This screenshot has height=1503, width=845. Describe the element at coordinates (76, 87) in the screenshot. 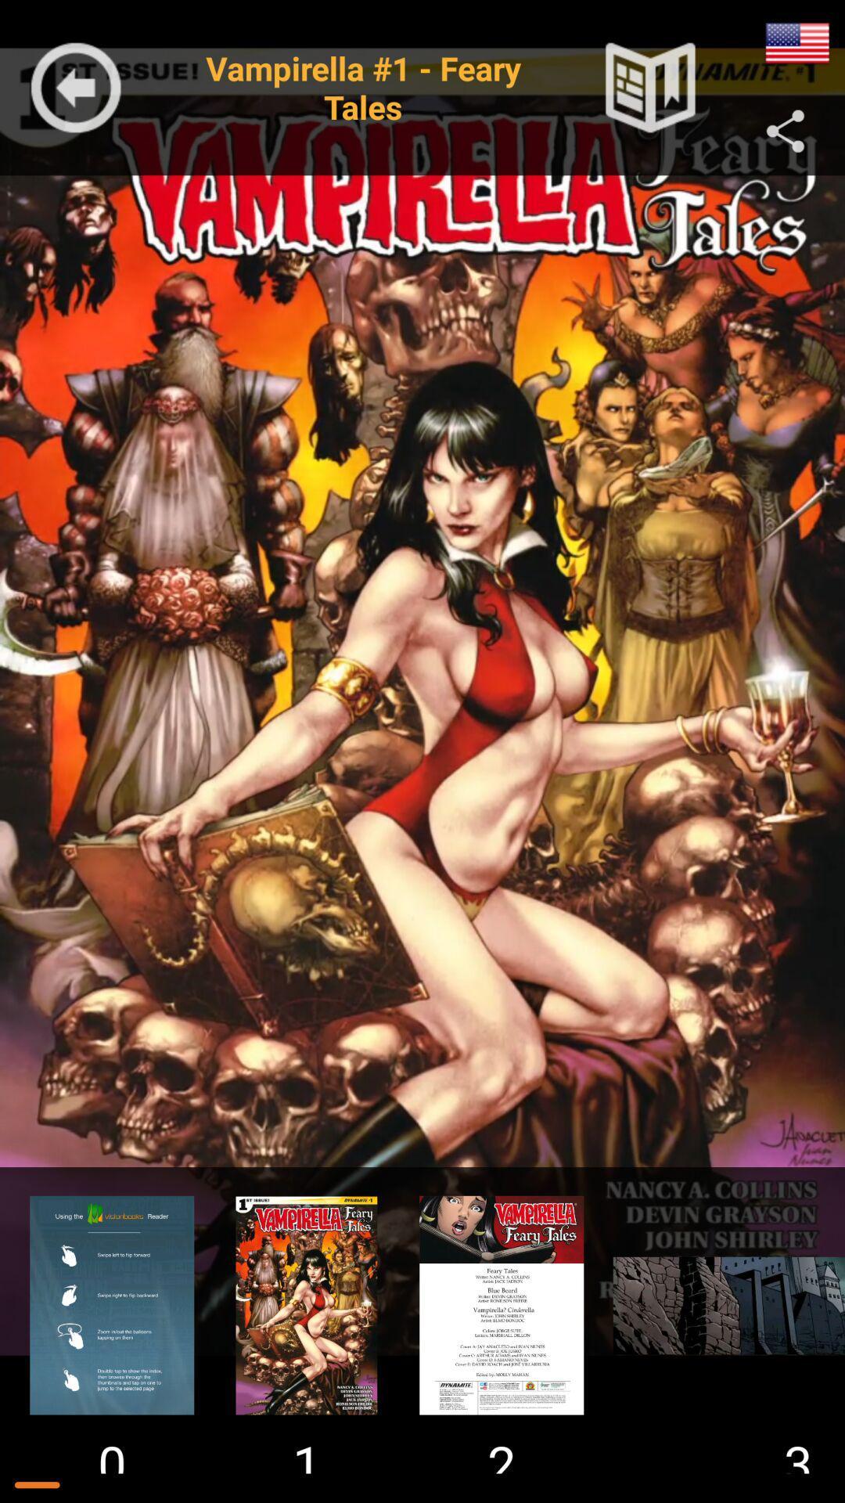

I see `go back` at that location.